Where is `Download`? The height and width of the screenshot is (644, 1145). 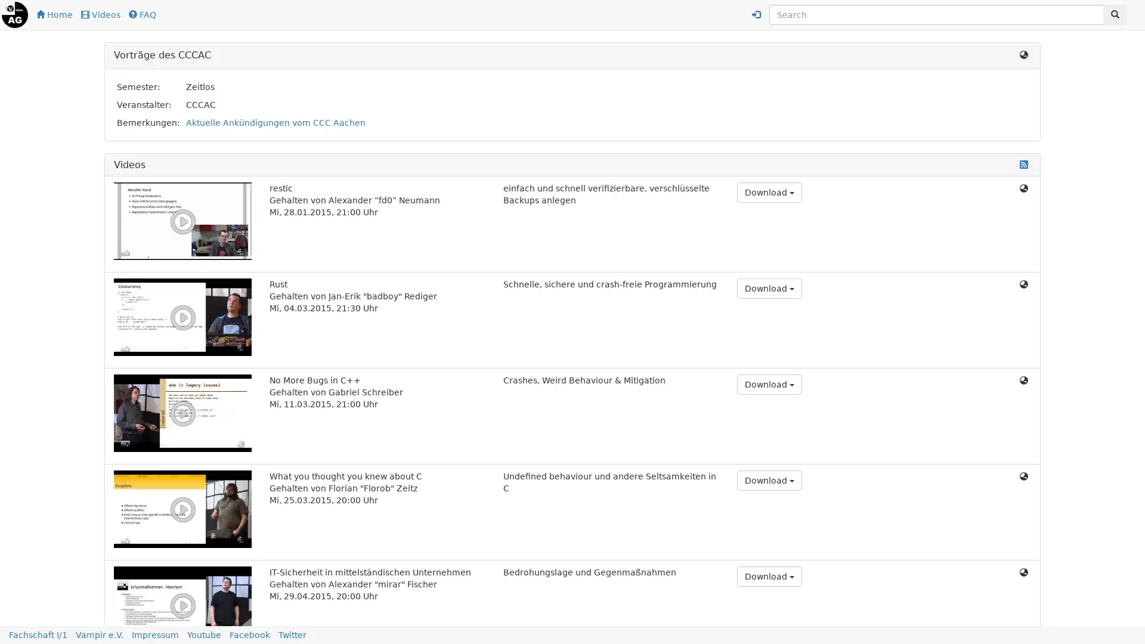 Download is located at coordinates (769, 192).